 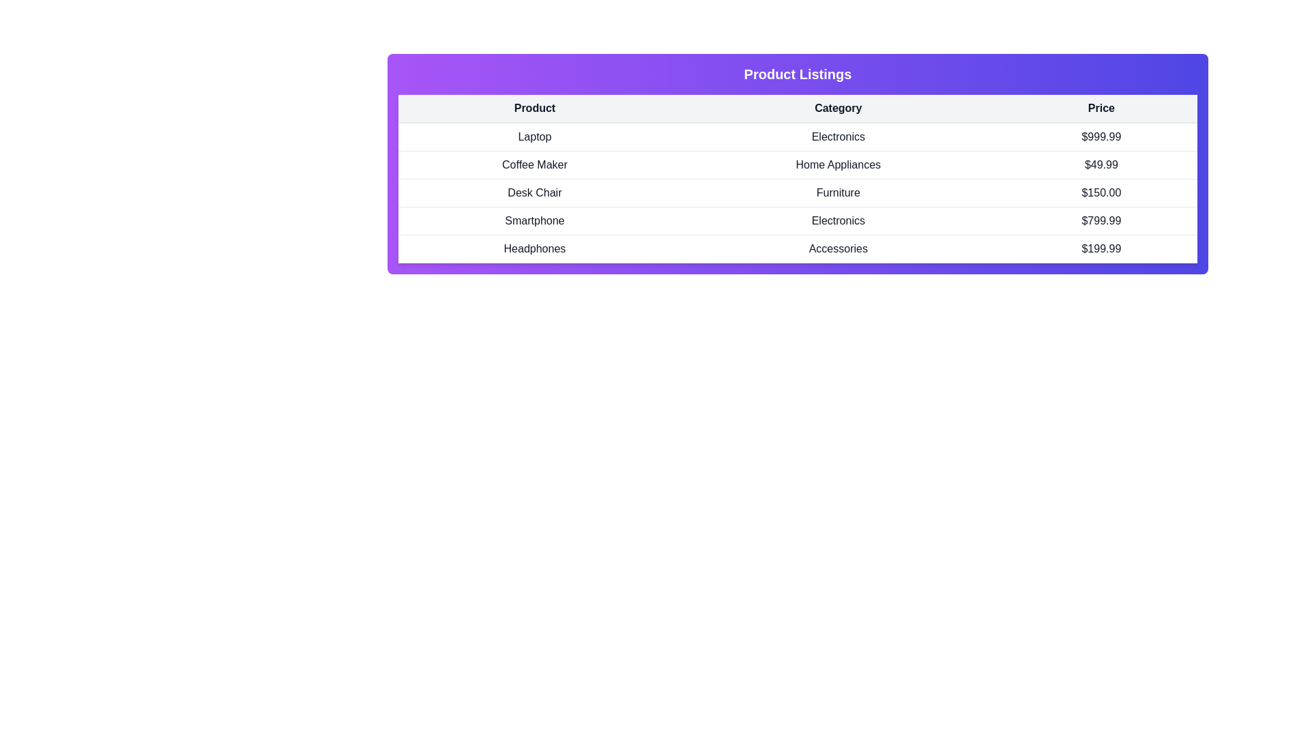 What do you see at coordinates (534, 249) in the screenshot?
I see `the Text label that lists the product name 'Headphones' in the 'Product' column of the structured table layout` at bounding box center [534, 249].